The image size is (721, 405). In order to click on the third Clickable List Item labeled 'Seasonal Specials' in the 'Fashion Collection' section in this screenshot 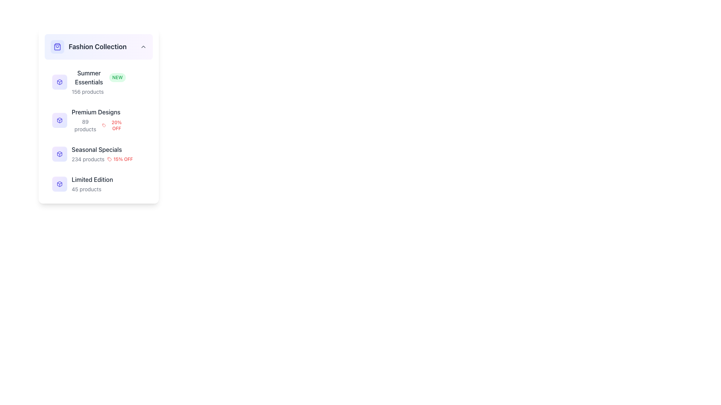, I will do `click(100, 154)`.